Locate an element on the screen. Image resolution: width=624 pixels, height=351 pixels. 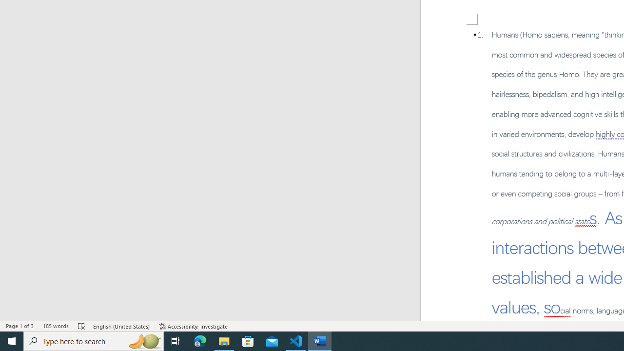
'Page Number Page 1 of 3' is located at coordinates (19, 326).